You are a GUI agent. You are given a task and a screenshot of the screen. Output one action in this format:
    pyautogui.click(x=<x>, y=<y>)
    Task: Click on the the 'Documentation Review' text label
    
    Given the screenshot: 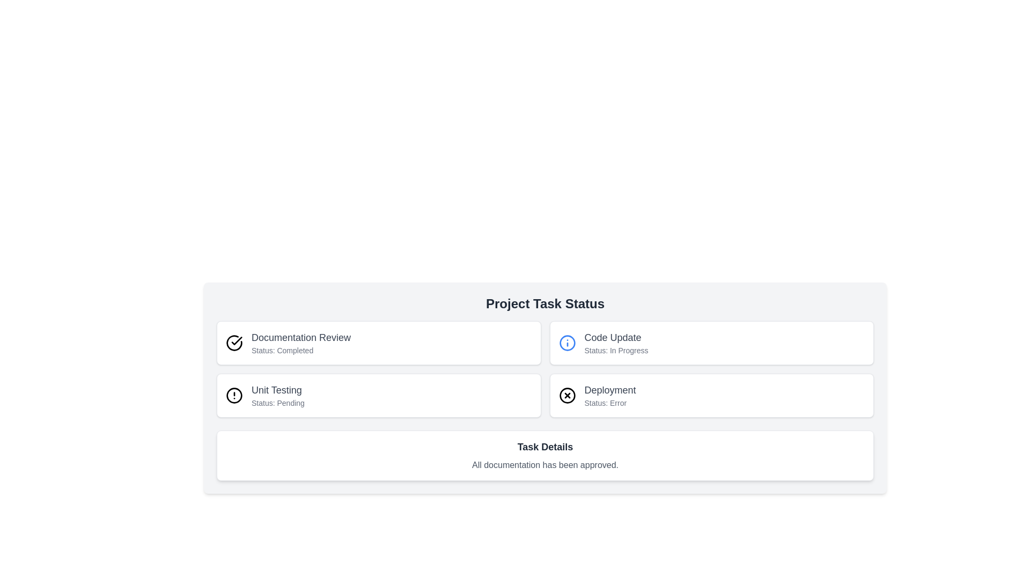 What is the action you would take?
    pyautogui.click(x=300, y=337)
    